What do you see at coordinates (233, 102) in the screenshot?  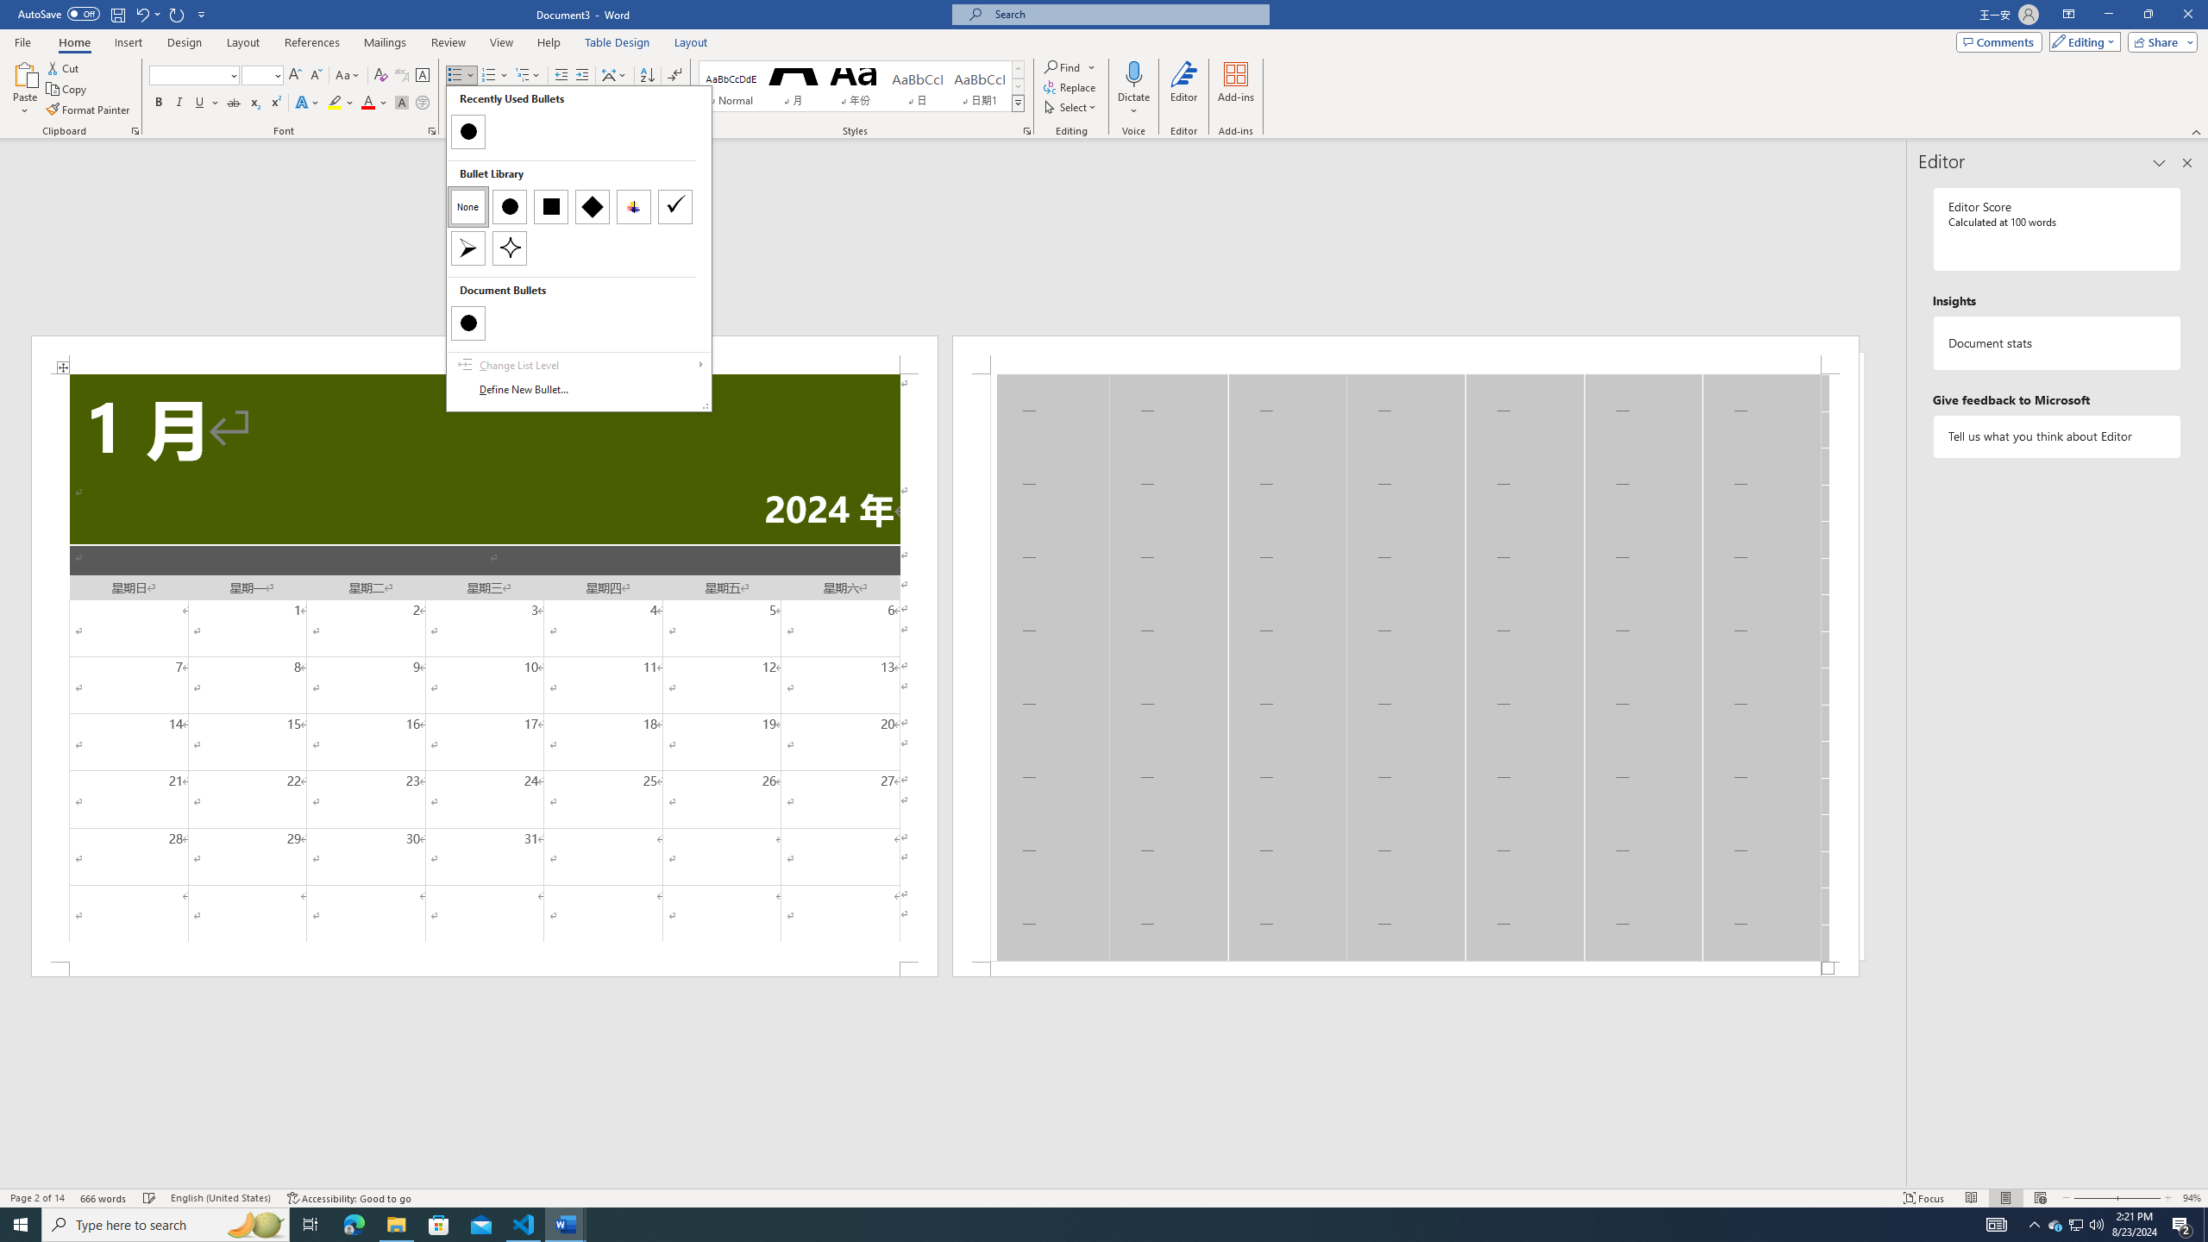 I see `'Strikethrough'` at bounding box center [233, 102].